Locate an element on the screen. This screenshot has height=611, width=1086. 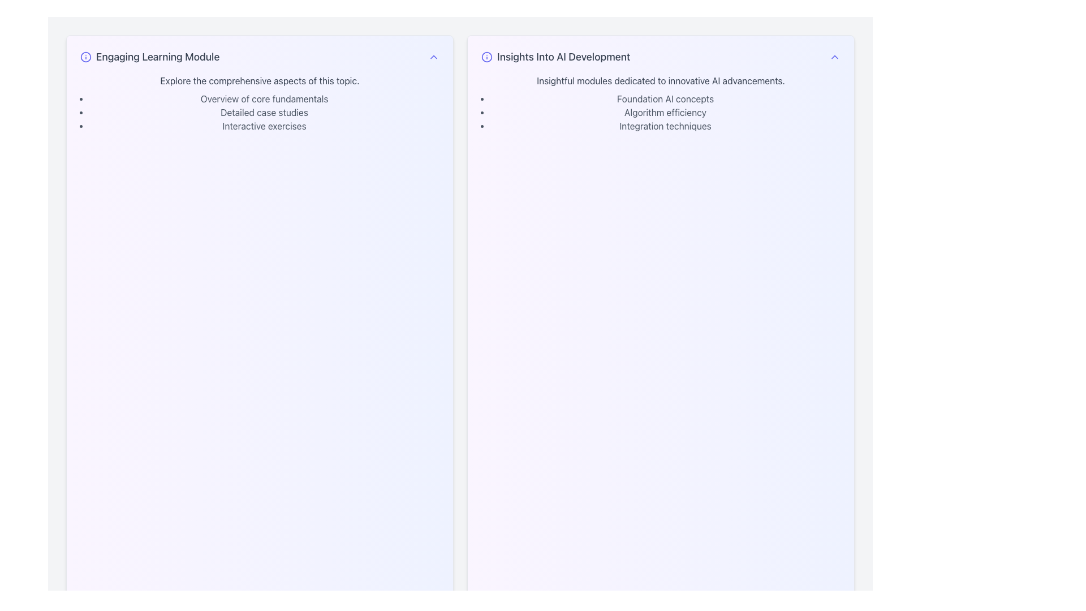
the third item in the bulleted list under the 'Engaging Learning Module' titled 'Detailed case studies' is located at coordinates (264, 126).